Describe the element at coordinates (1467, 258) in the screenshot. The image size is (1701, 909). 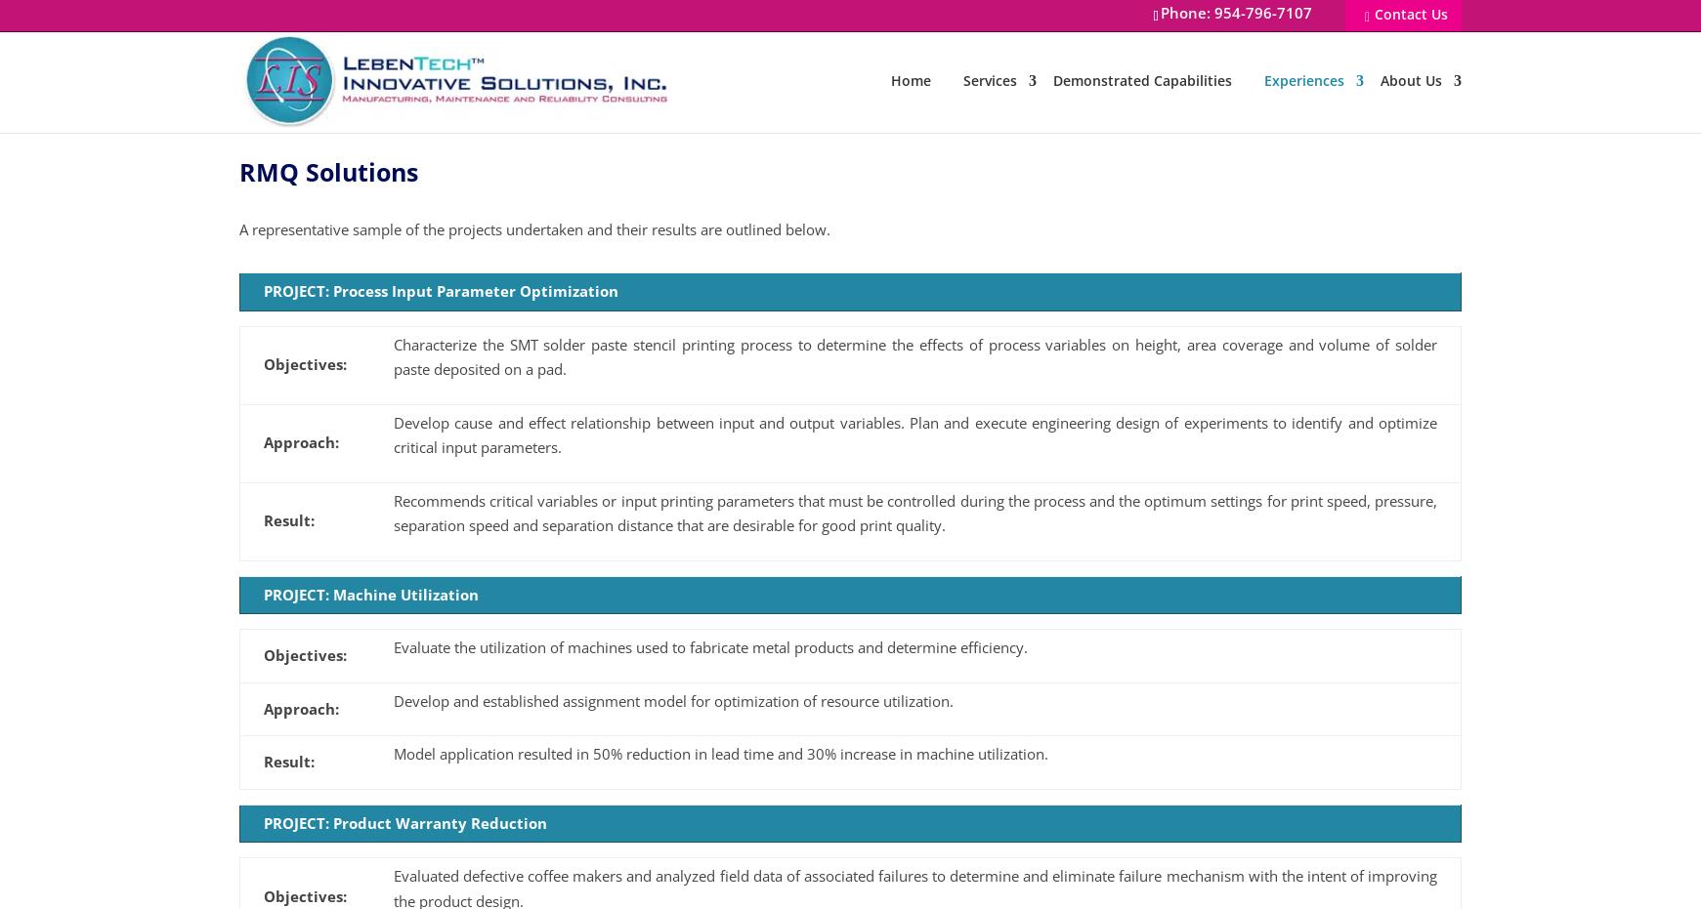
I see `'LebenTech Quality Program'` at that location.